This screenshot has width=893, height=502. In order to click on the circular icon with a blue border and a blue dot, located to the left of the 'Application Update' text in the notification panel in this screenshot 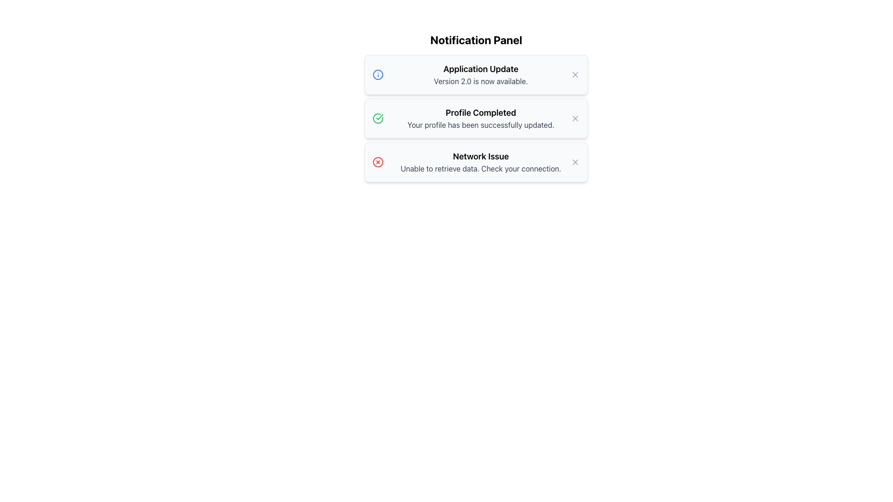, I will do `click(378, 74)`.